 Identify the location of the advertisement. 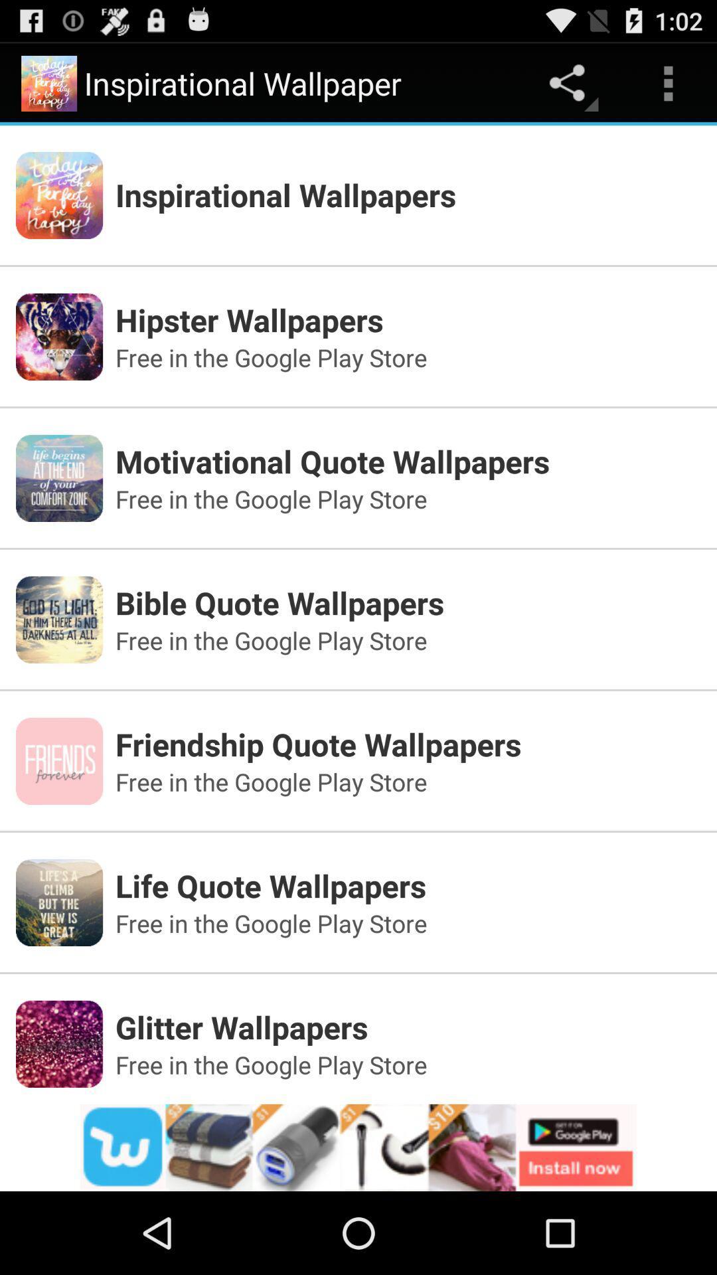
(358, 1147).